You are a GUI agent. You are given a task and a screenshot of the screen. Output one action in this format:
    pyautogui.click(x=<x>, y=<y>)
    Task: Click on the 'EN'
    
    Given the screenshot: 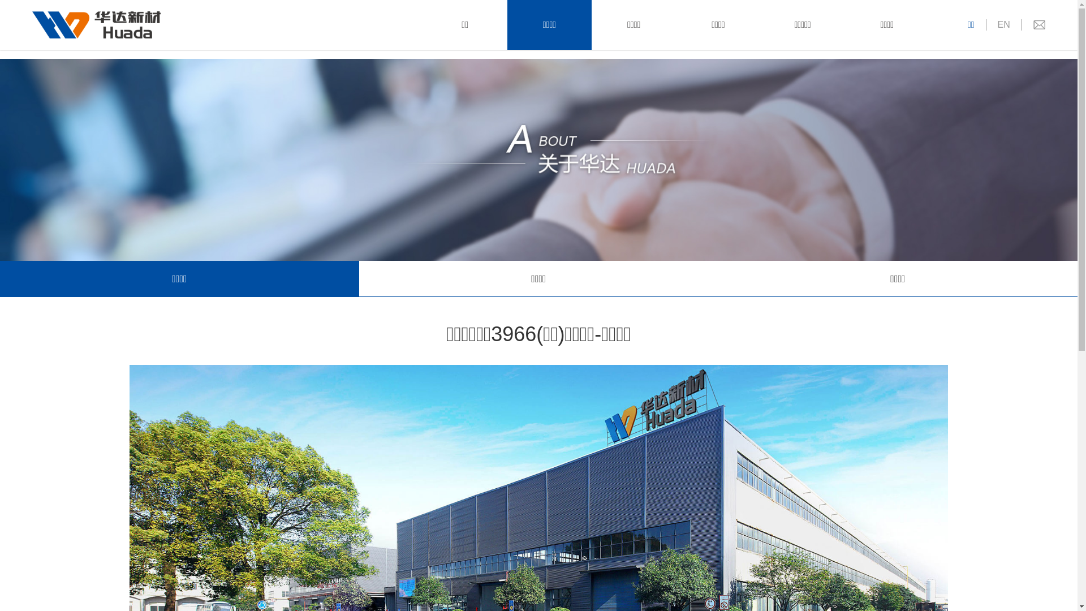 What is the action you would take?
    pyautogui.click(x=997, y=24)
    